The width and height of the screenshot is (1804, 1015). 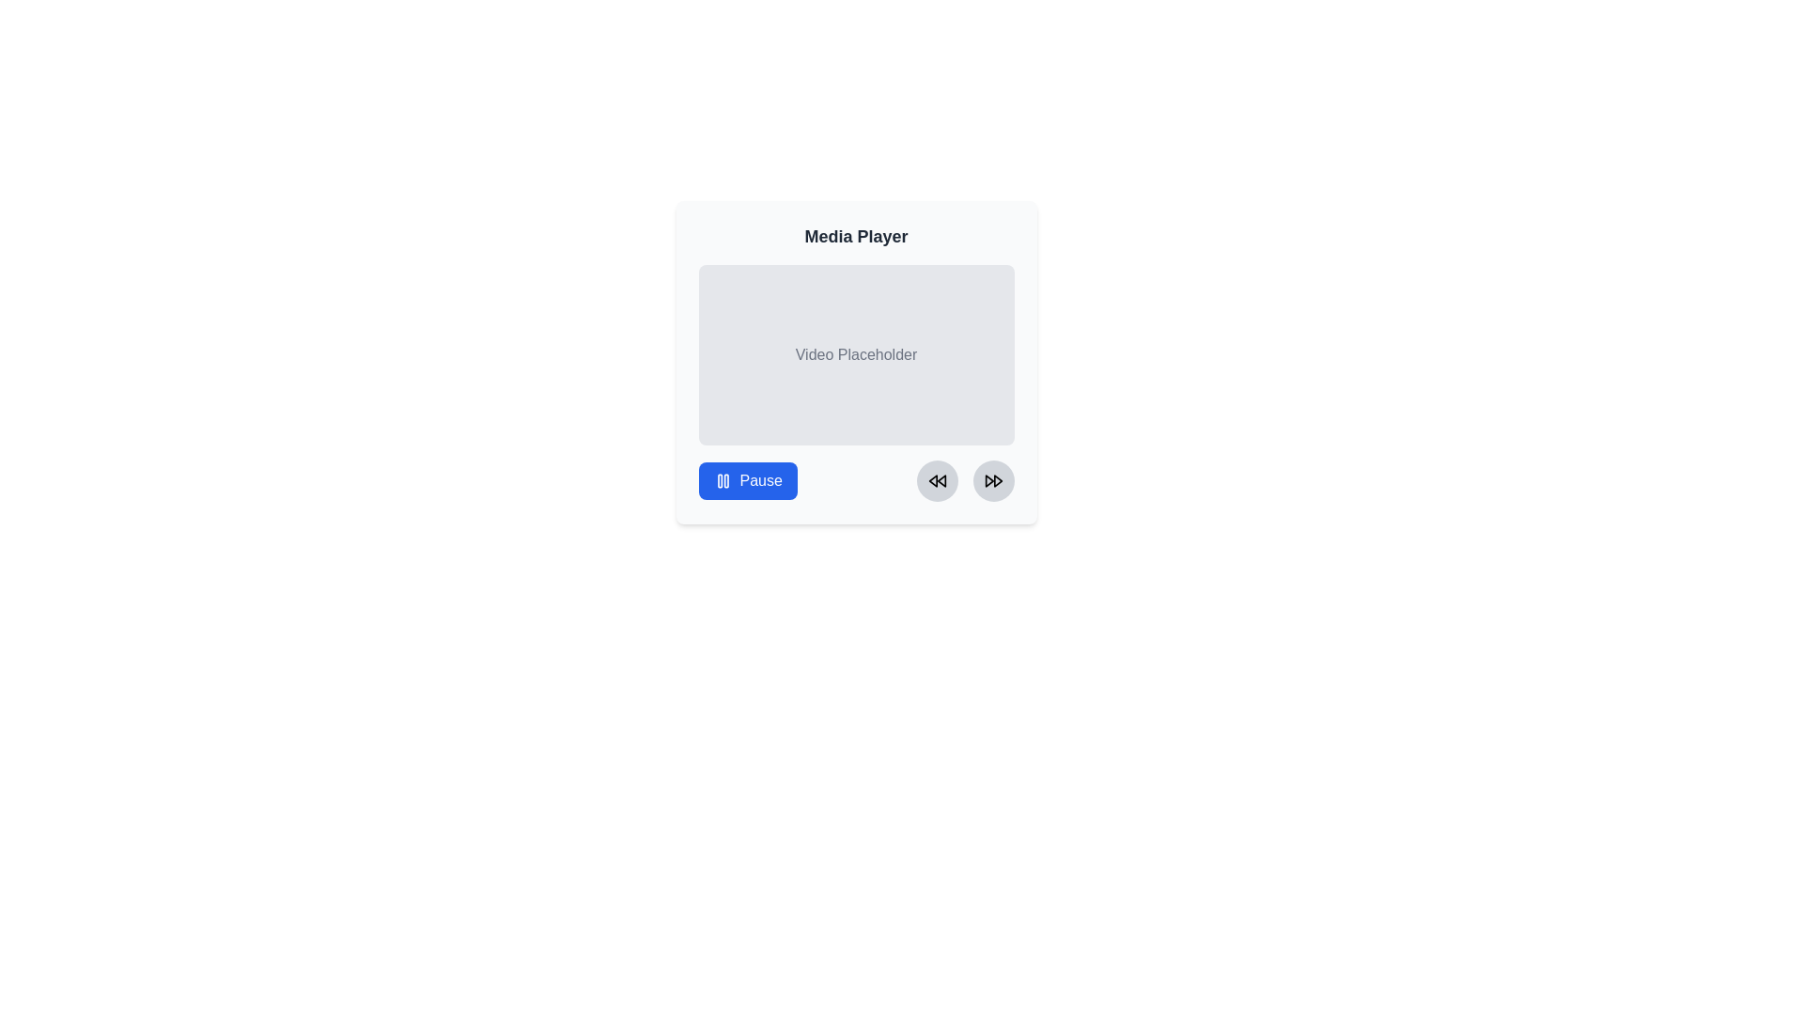 What do you see at coordinates (992, 480) in the screenshot?
I see `the circular fast-forward button with a light gray background located at the bottom-right corner of the media player interface` at bounding box center [992, 480].